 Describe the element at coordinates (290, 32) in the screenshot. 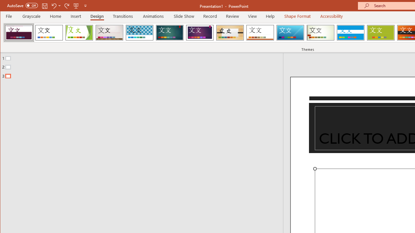

I see `'Slice'` at that location.